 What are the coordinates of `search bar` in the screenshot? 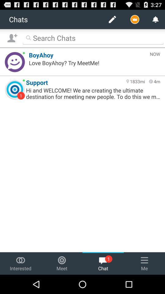 It's located at (93, 38).